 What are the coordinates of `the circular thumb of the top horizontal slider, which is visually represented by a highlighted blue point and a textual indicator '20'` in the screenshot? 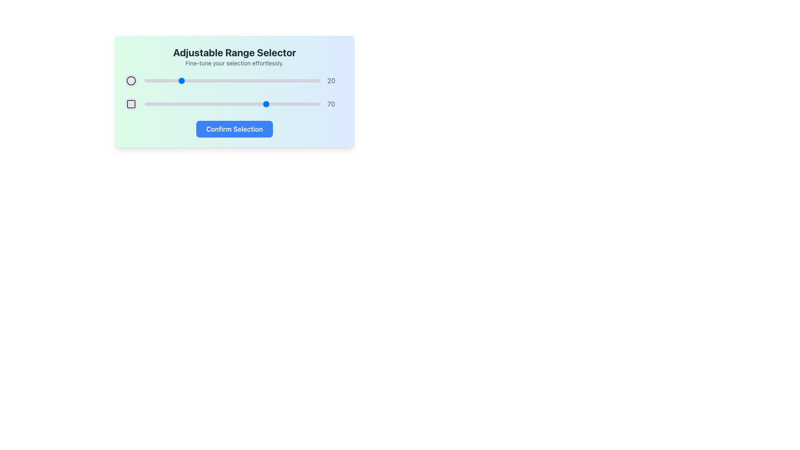 It's located at (234, 80).